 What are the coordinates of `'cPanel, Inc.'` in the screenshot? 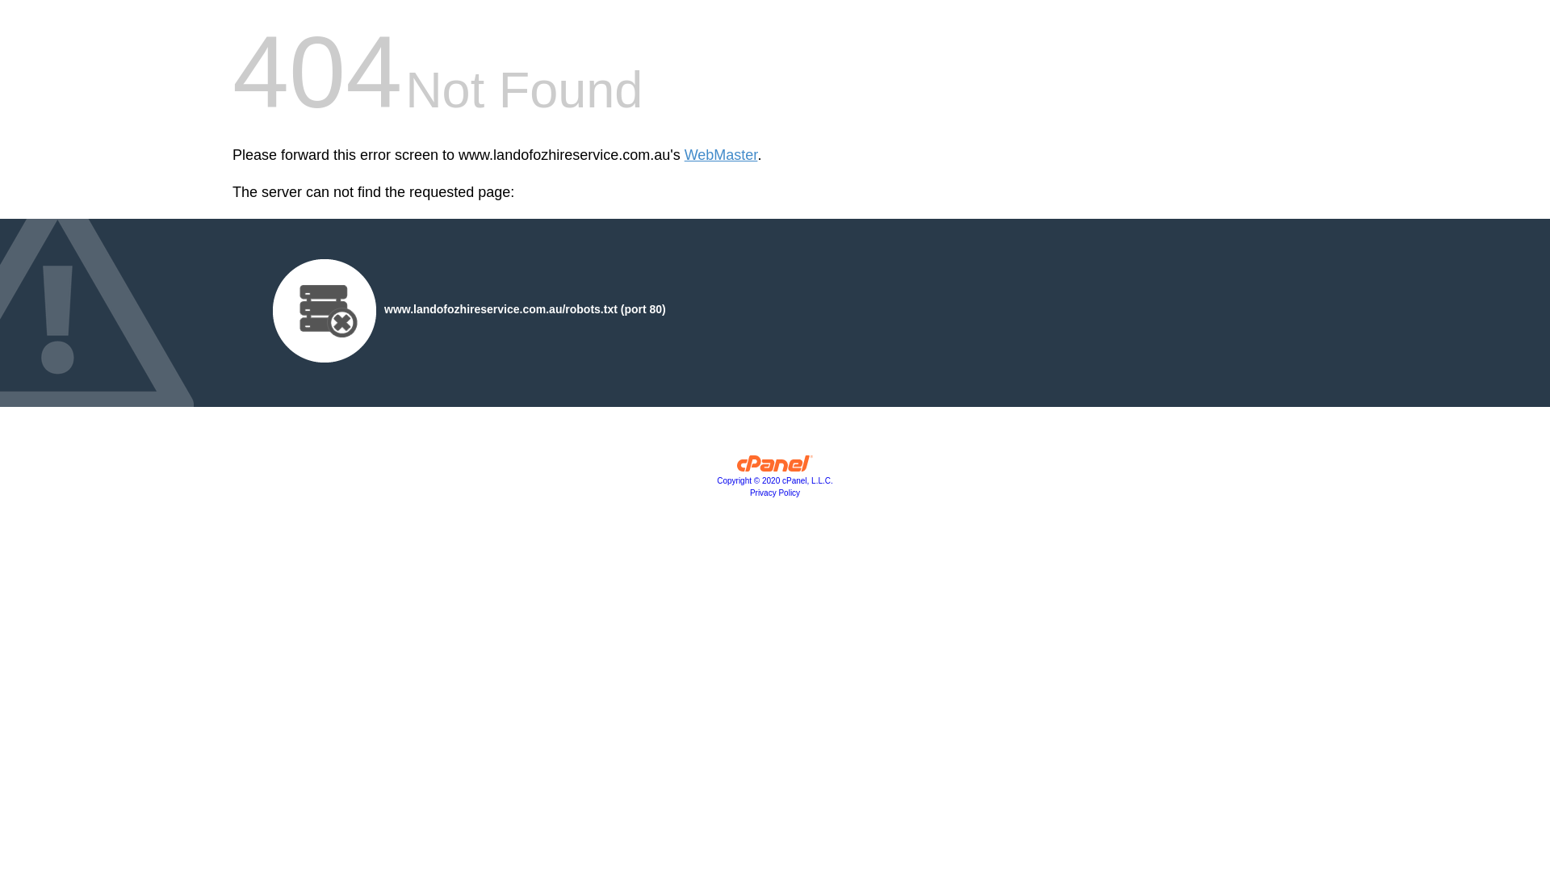 It's located at (775, 467).